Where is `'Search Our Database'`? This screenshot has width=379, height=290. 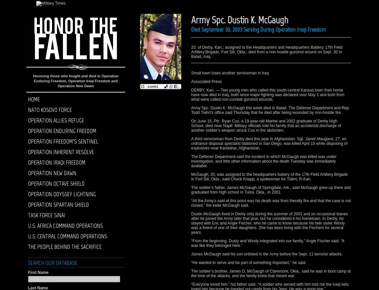
'Search Our Database' is located at coordinates (52, 263).